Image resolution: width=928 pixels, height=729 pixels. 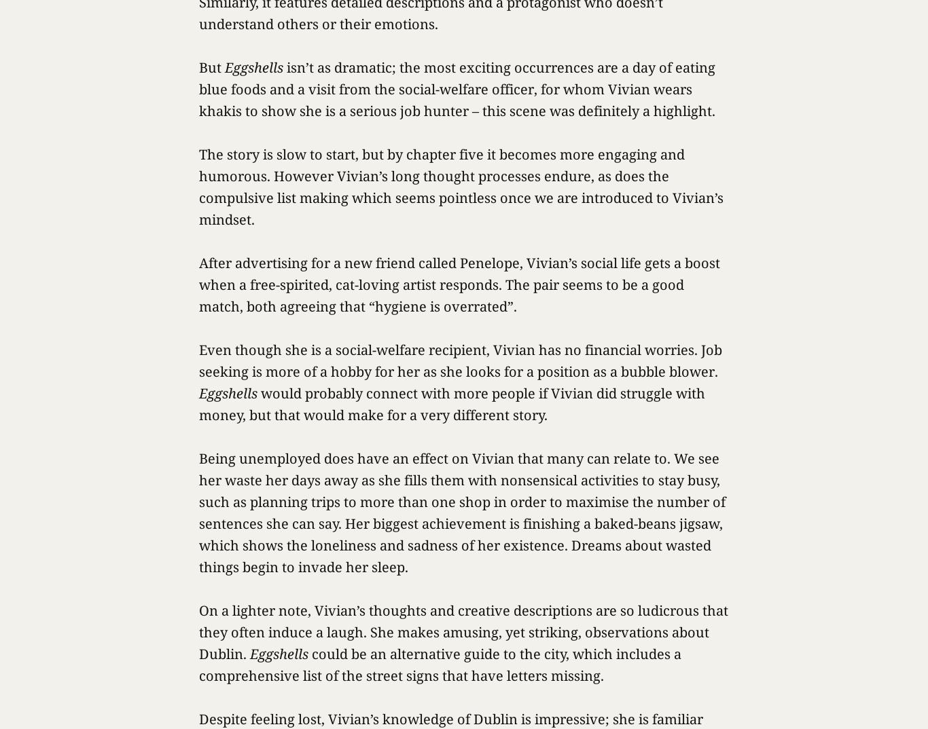 What do you see at coordinates (199, 632) in the screenshot?
I see `'On a lighter note, Vivian’s thoughts and creative descriptions are so ludicrous that they often induce a laugh. She makes amusing, yet striking, observations about Dublin.'` at bounding box center [199, 632].